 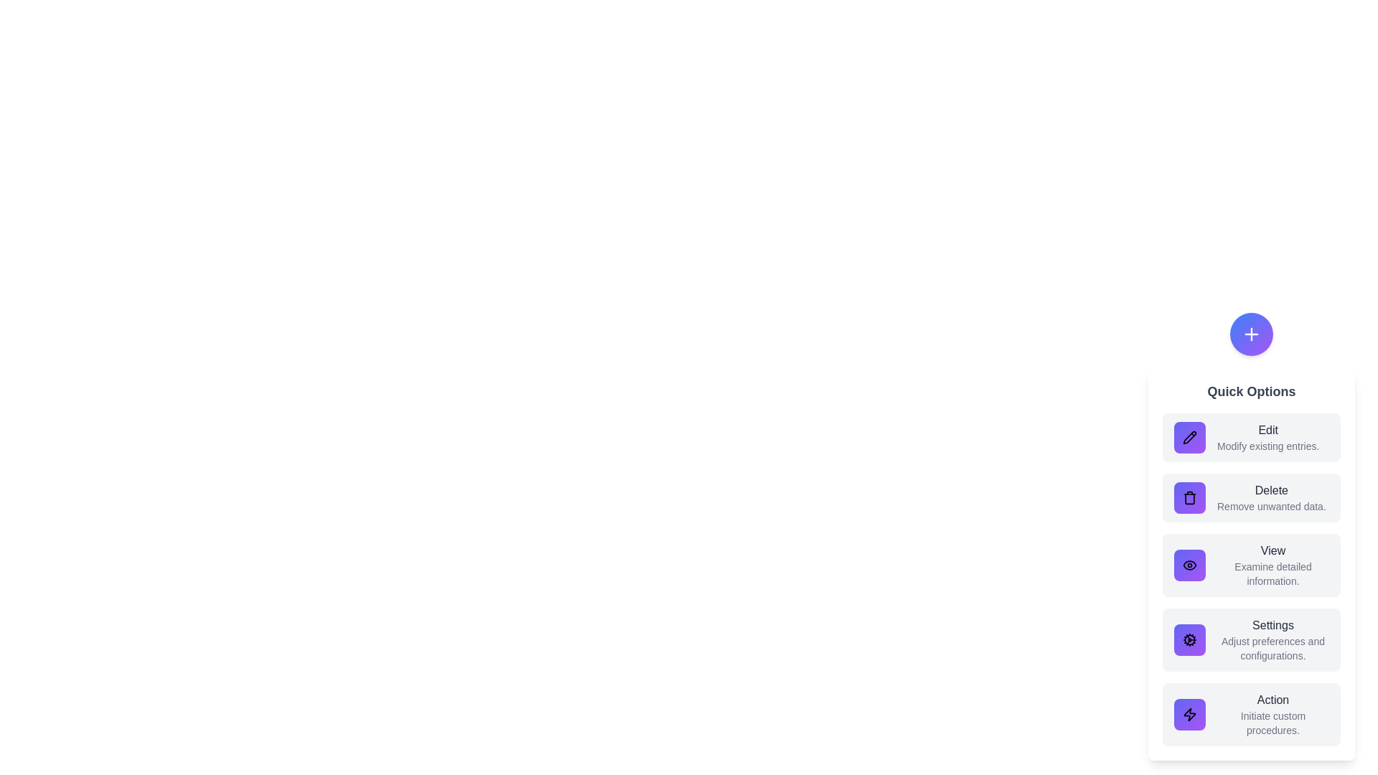 I want to click on the option Action to observe its hover effect, so click(x=1250, y=714).